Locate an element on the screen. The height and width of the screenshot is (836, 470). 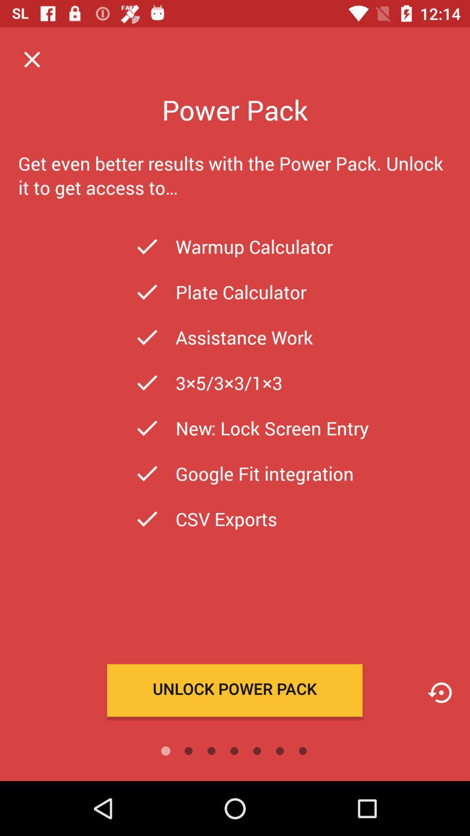
cancel button is located at coordinates (31, 59).